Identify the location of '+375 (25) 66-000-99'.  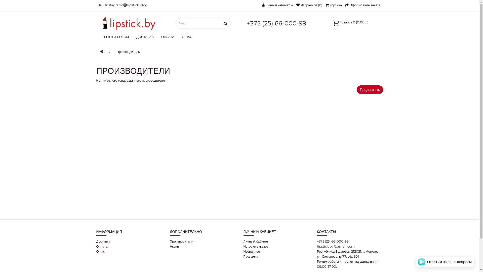
(276, 23).